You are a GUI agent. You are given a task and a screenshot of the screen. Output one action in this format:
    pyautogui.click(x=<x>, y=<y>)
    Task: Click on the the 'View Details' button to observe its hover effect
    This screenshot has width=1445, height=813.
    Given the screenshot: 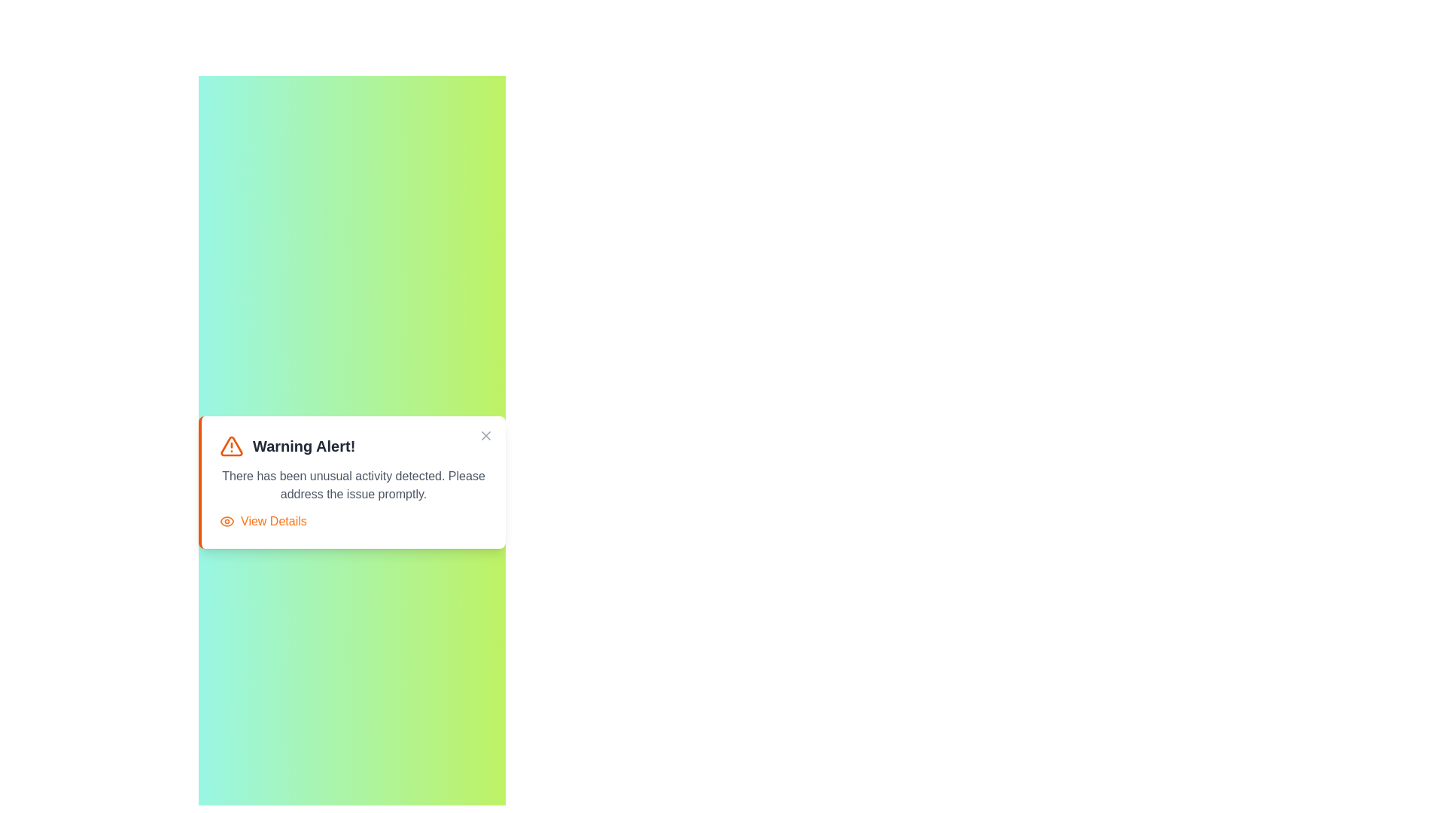 What is the action you would take?
    pyautogui.click(x=263, y=521)
    